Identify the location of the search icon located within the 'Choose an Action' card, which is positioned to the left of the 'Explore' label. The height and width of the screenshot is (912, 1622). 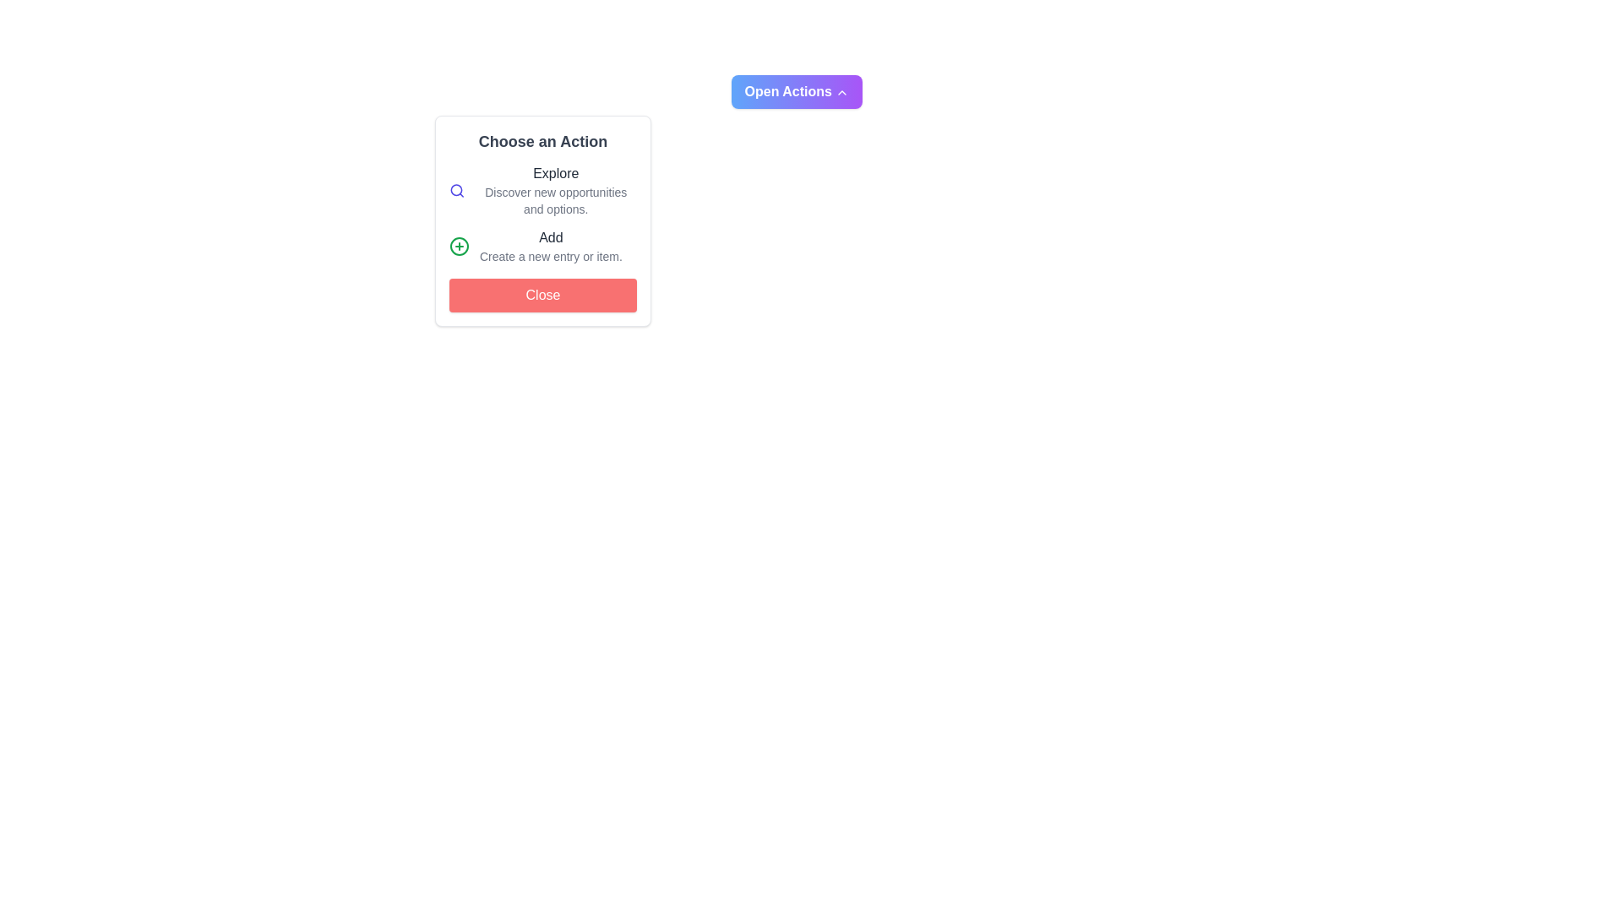
(457, 190).